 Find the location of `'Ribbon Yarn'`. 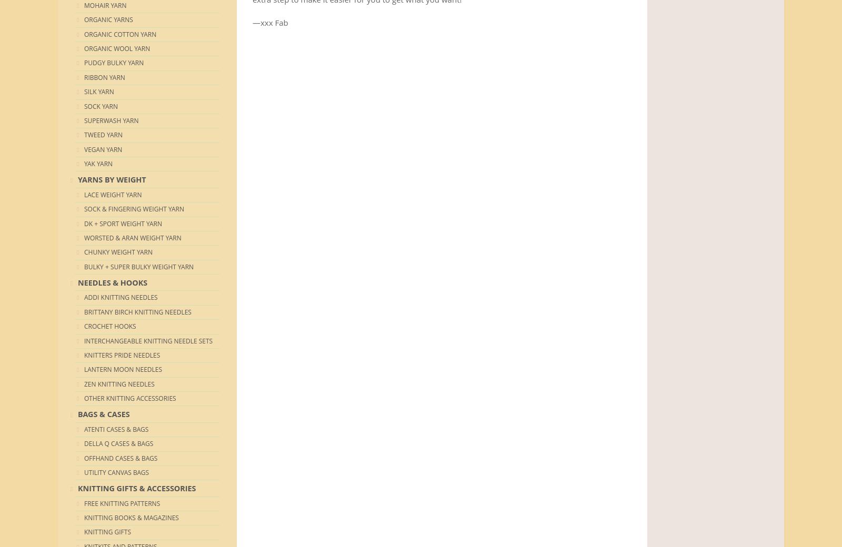

'Ribbon Yarn' is located at coordinates (104, 77).